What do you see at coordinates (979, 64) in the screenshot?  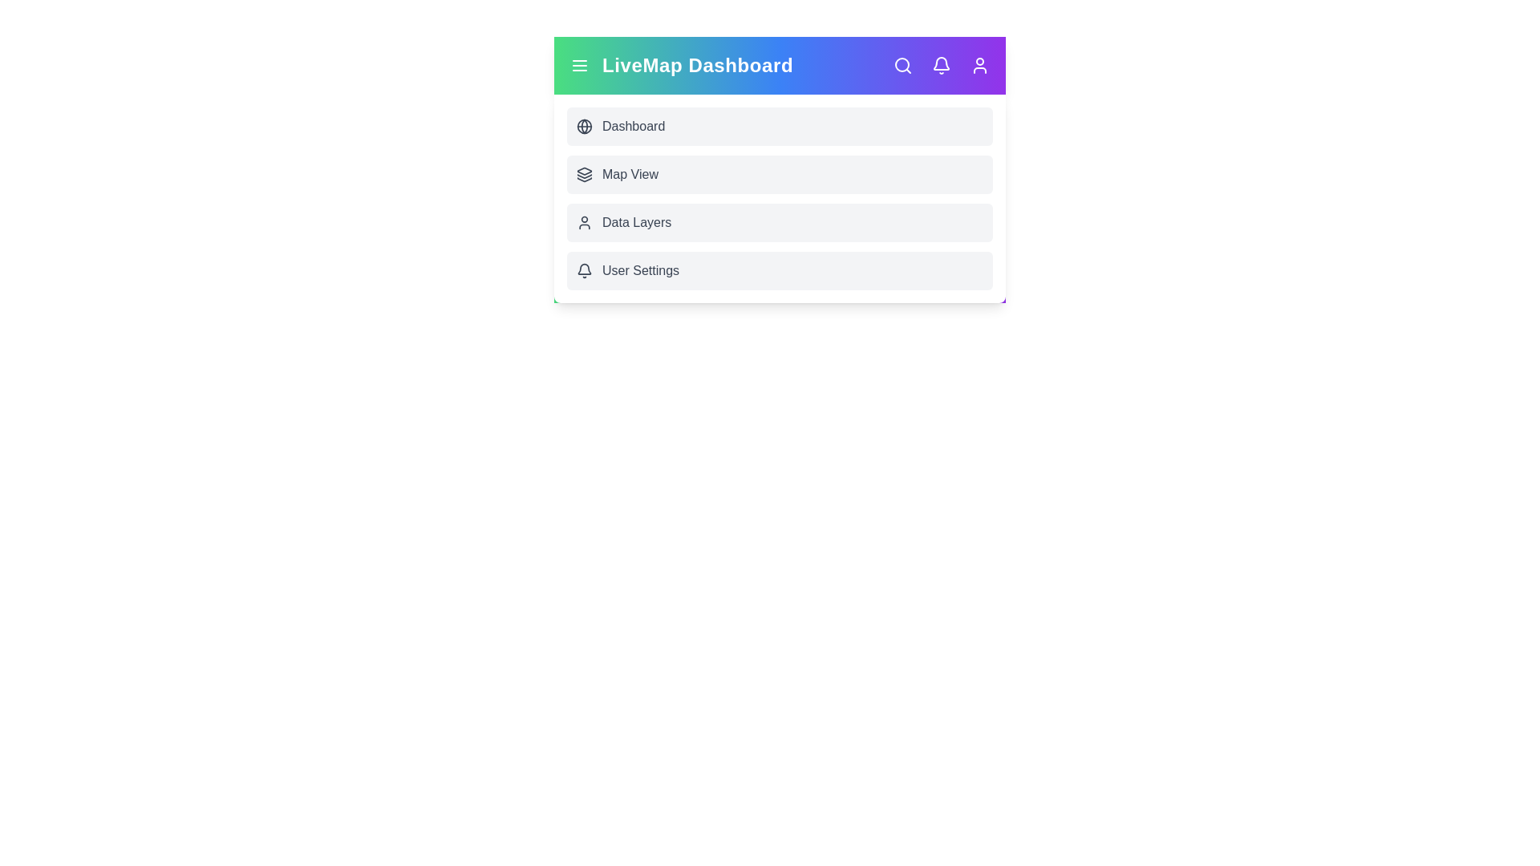 I see `the 'Profile' icon to access profile settings` at bounding box center [979, 64].